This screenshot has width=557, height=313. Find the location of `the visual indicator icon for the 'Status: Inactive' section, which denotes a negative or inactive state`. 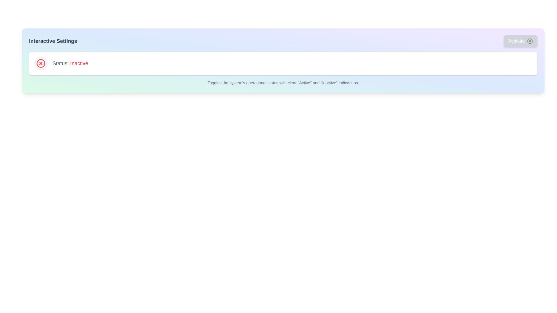

the visual indicator icon for the 'Status: Inactive' section, which denotes a negative or inactive state is located at coordinates (40, 63).